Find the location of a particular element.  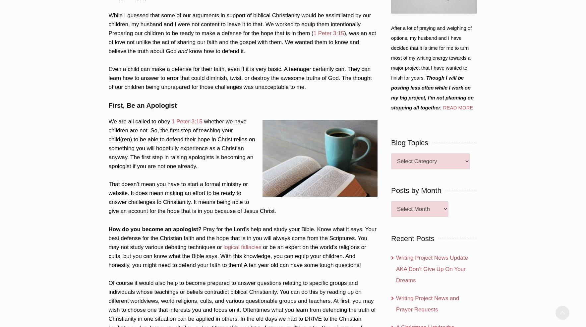

'Writing Project News and Prayer Requests' is located at coordinates (395, 303).